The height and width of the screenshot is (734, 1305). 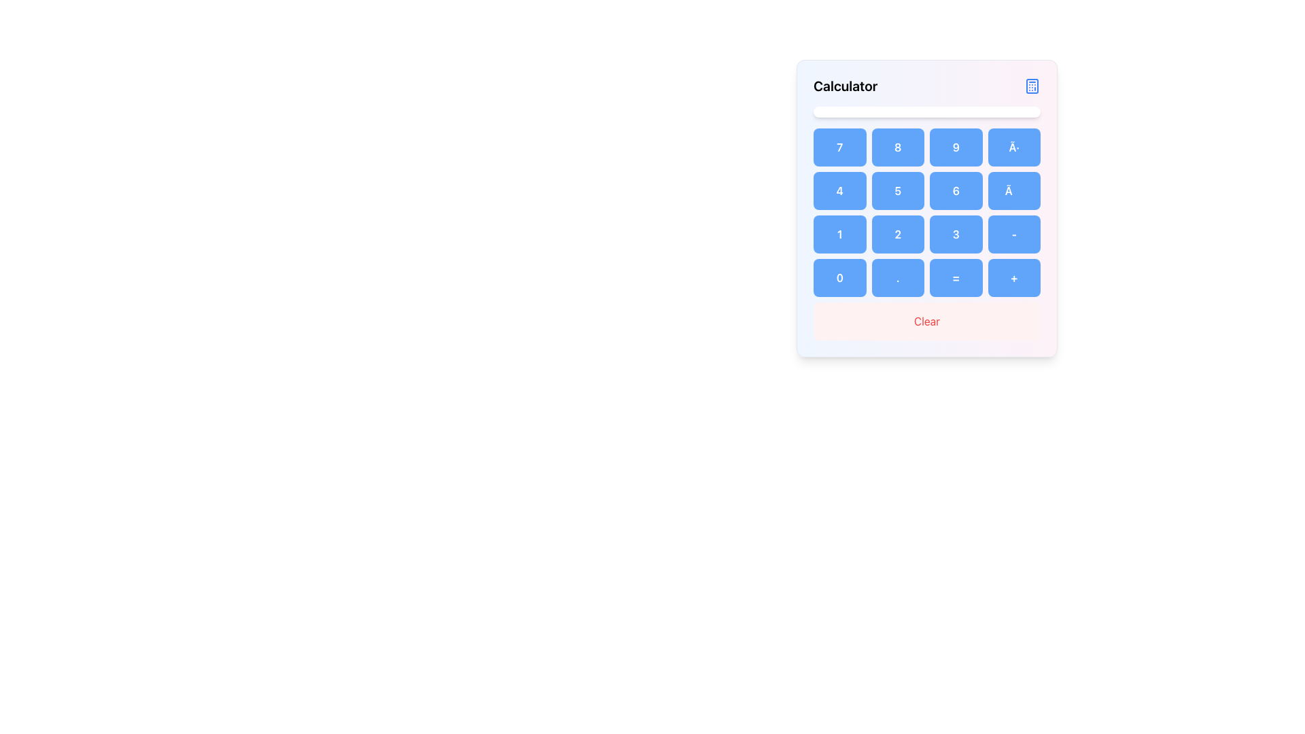 What do you see at coordinates (839, 233) in the screenshot?
I see `the button with a blue background and the bold text '1' located in the third row, first column of a 4-column grid to input the digit '1'` at bounding box center [839, 233].